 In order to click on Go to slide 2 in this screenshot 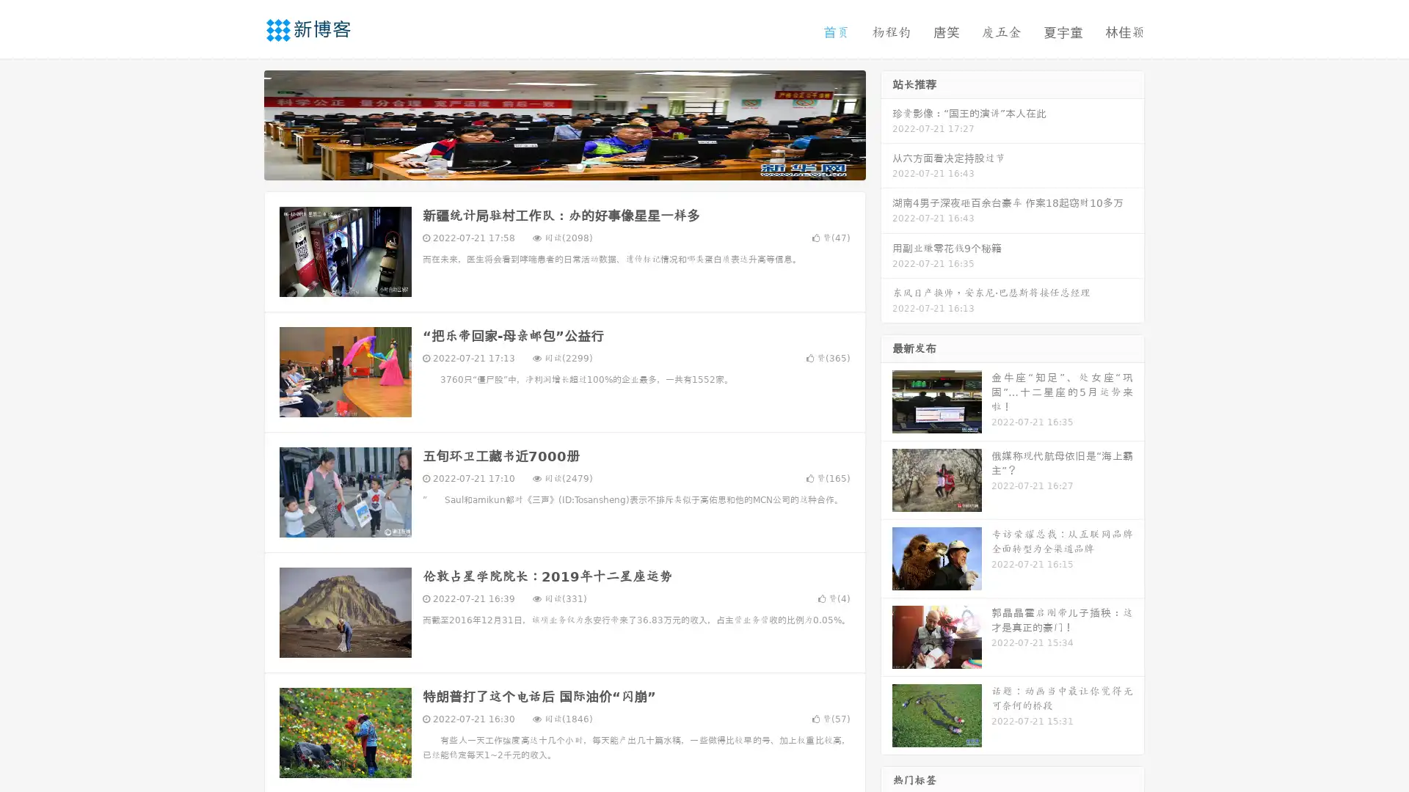, I will do `click(564, 165)`.